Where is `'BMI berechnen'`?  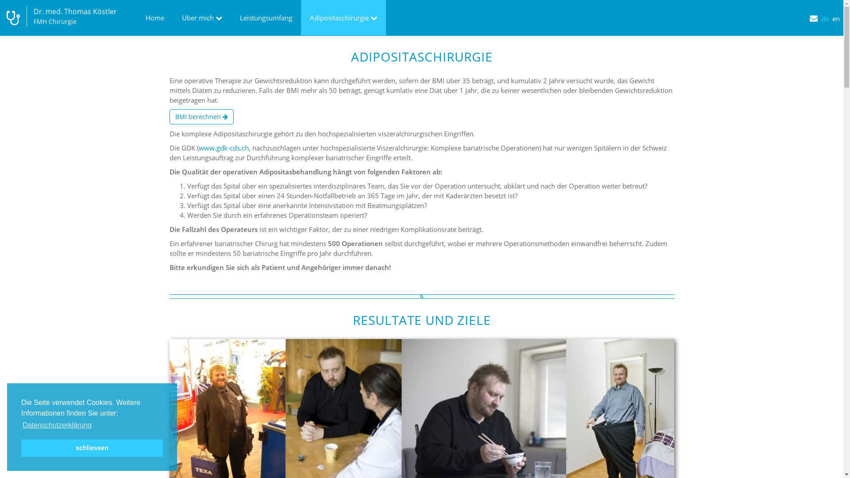 'BMI berechnen' is located at coordinates (201, 116).